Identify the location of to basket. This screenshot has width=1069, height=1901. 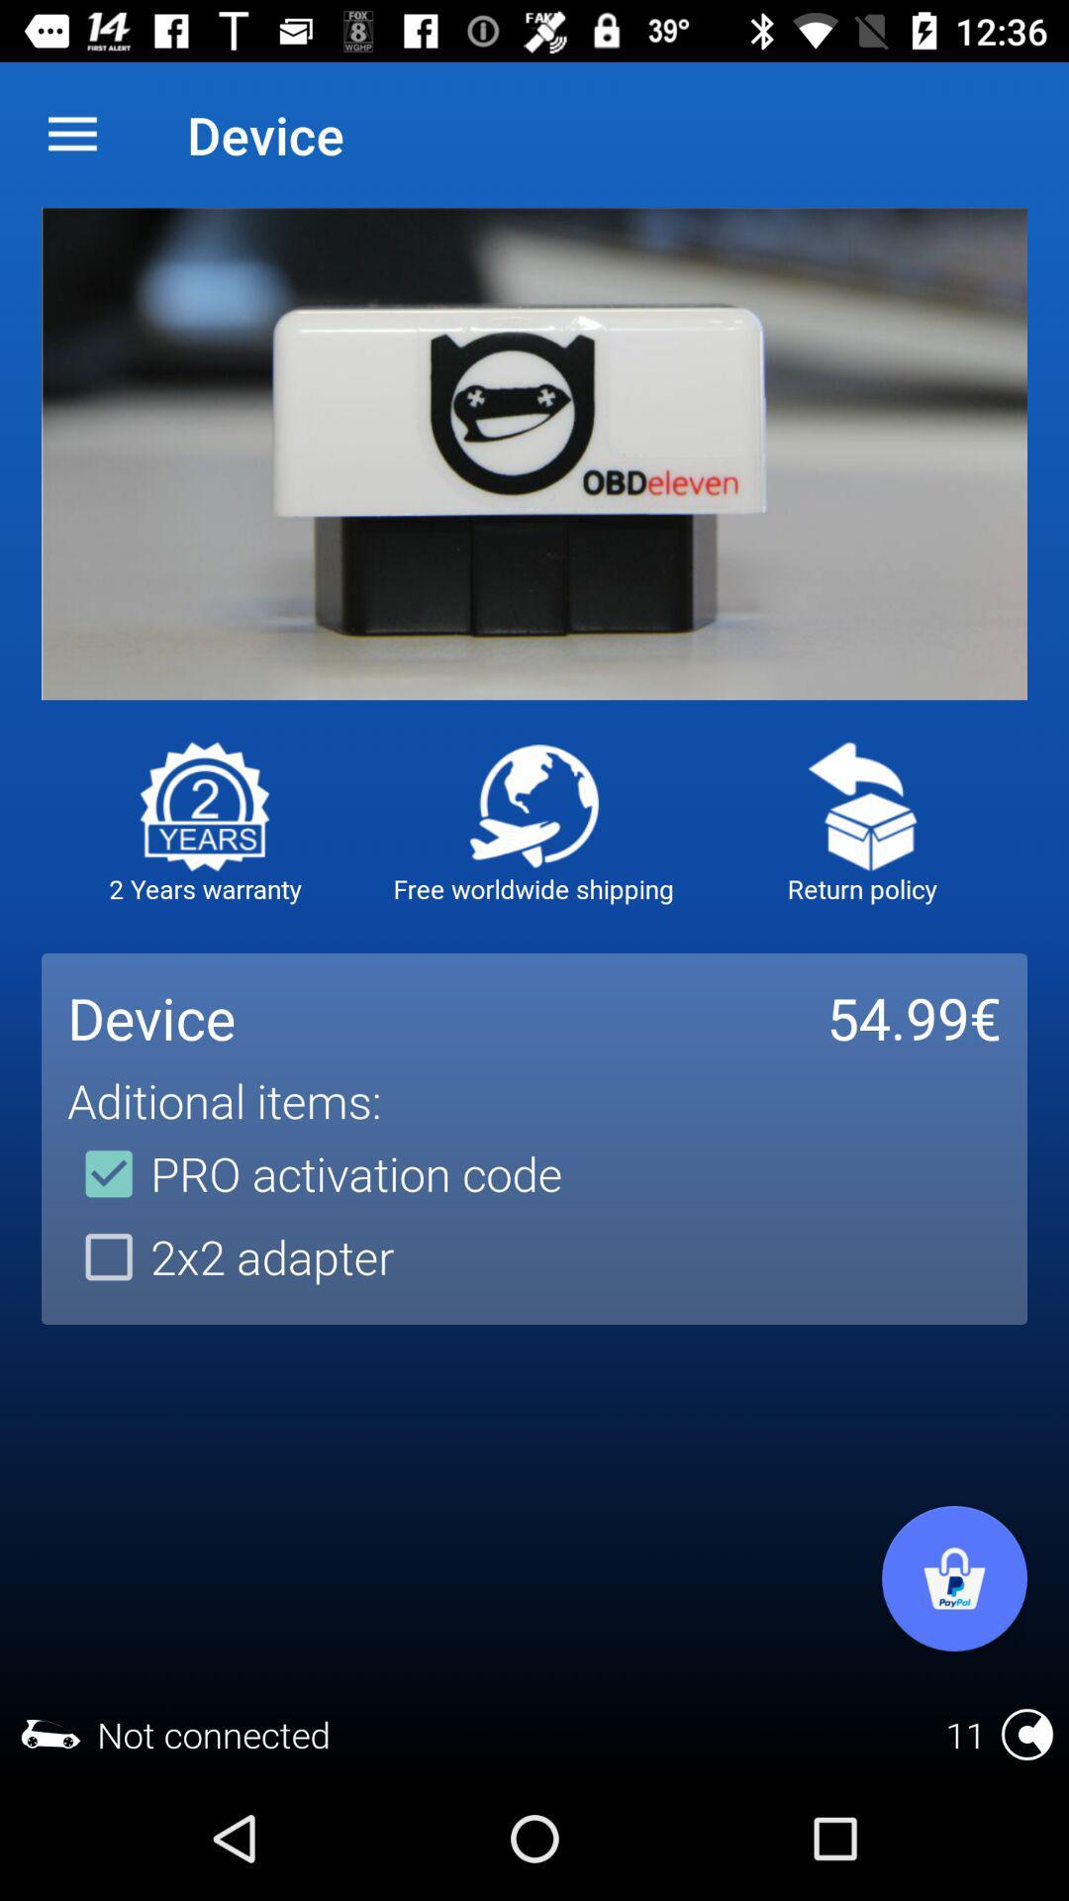
(953, 1577).